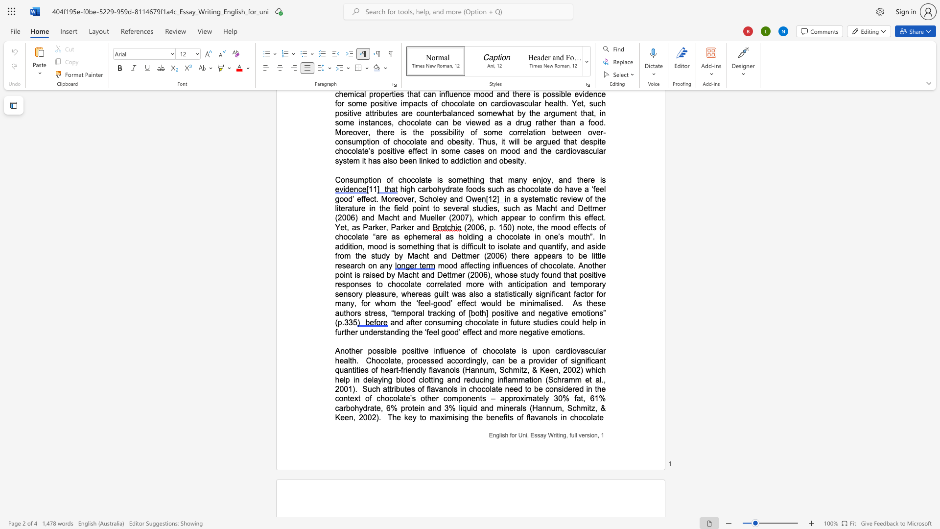  What do you see at coordinates (556, 434) in the screenshot?
I see `the 3th character "i" in the text` at bounding box center [556, 434].